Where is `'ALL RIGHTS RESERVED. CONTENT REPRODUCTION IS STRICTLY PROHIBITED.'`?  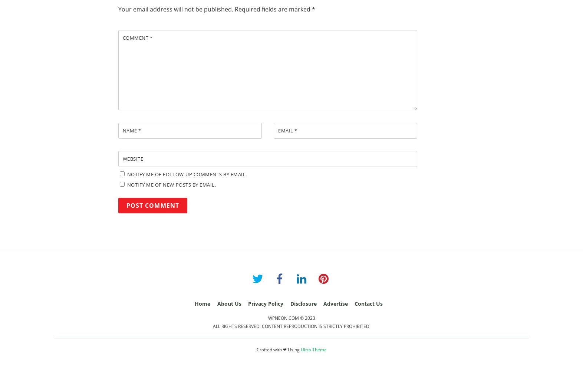
'ALL RIGHTS RESERVED. CONTENT REPRODUCTION IS STRICTLY PROHIBITED.' is located at coordinates (291, 326).